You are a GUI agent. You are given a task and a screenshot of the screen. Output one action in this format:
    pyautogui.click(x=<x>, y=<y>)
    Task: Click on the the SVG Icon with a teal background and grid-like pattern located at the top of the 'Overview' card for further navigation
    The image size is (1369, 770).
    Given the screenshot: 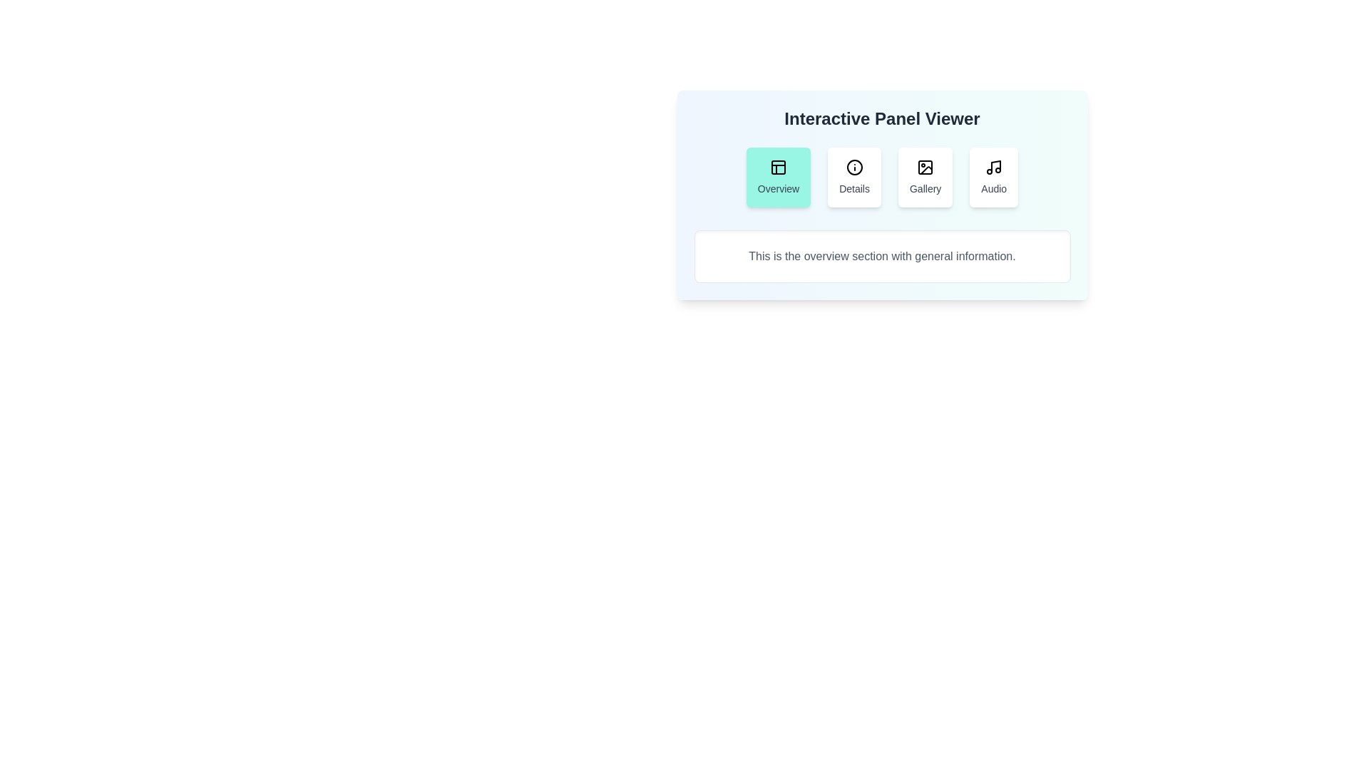 What is the action you would take?
    pyautogui.click(x=777, y=167)
    